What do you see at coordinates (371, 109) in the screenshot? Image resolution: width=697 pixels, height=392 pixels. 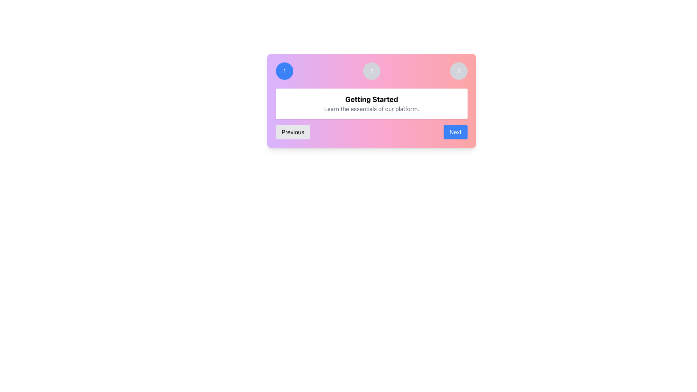 I see `the text element that reads 'Learn the essentials of our platform.' which is styled in gray color and located below the title 'Getting Started' in a white card component` at bounding box center [371, 109].